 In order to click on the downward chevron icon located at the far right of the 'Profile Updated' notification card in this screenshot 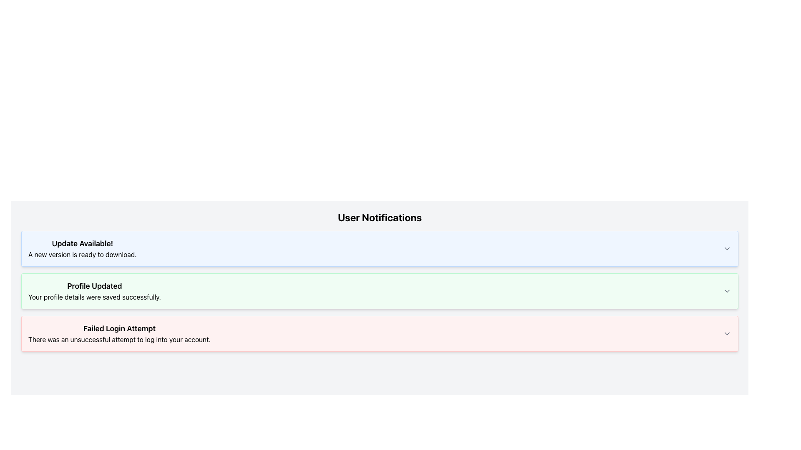, I will do `click(726, 290)`.